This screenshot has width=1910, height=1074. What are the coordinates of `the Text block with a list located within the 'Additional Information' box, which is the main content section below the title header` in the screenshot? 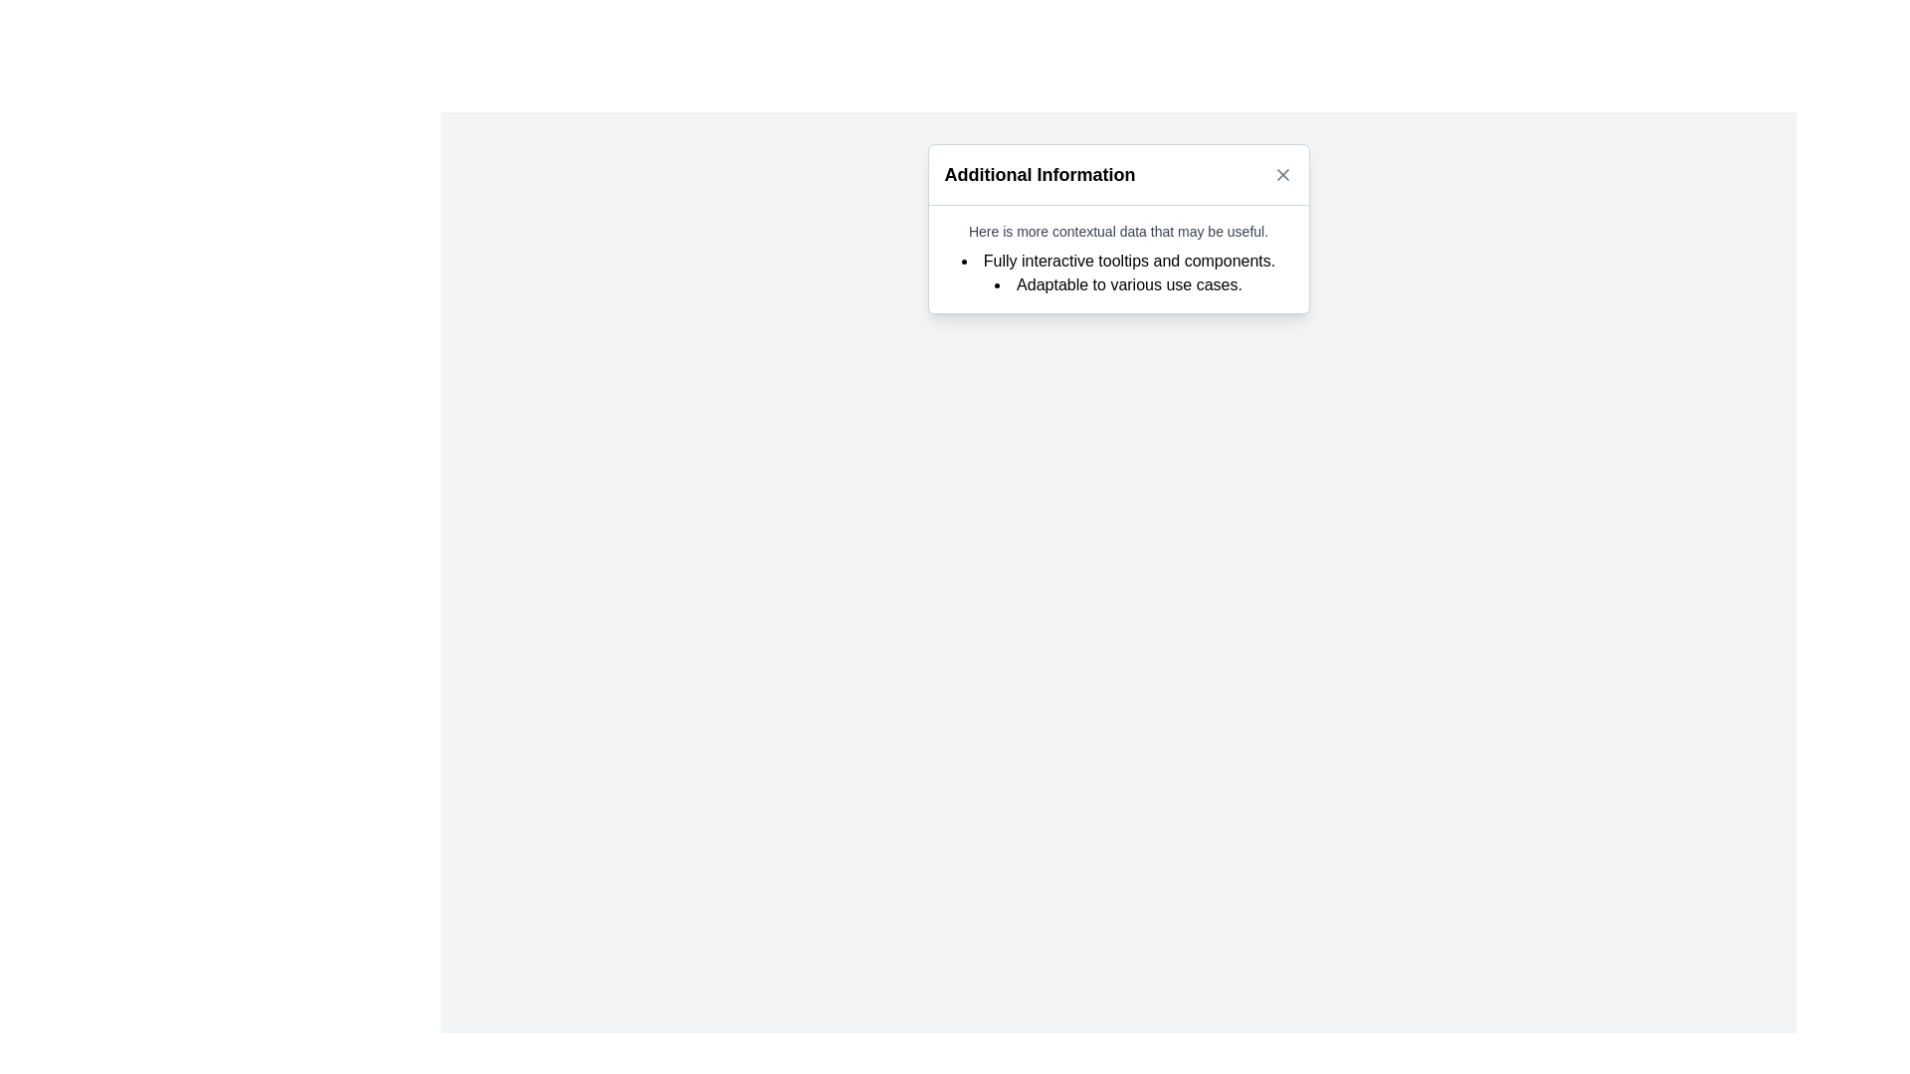 It's located at (1118, 259).